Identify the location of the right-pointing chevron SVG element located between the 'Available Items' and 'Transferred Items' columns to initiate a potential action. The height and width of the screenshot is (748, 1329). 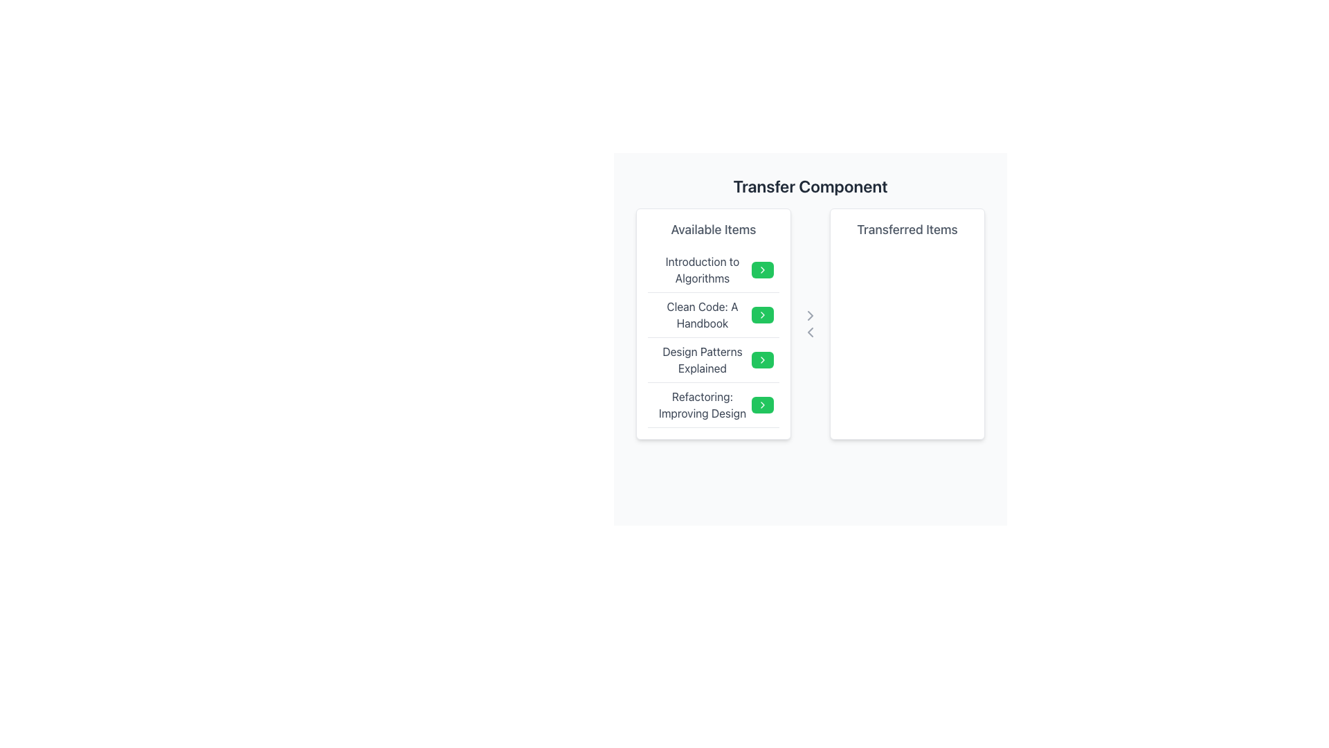
(811, 315).